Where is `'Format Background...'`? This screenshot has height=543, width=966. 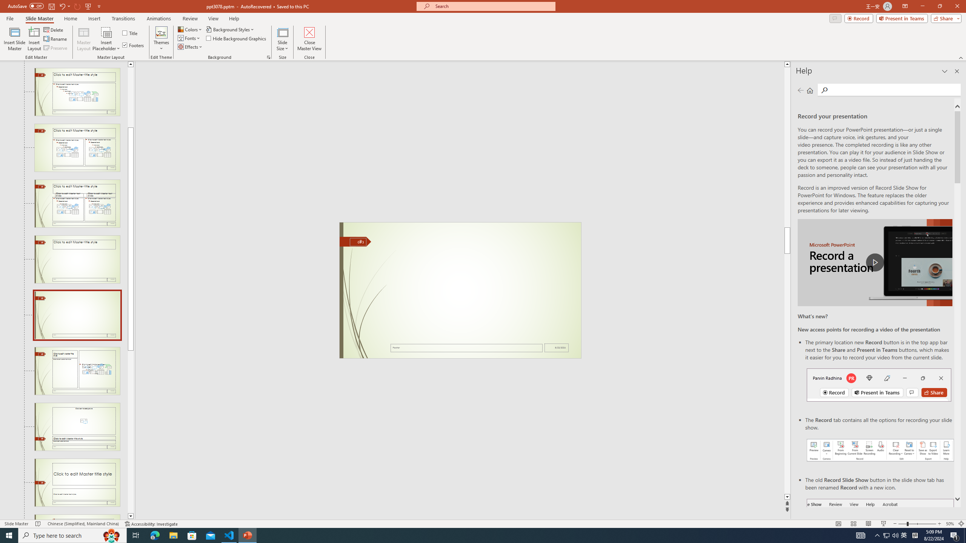
'Format Background...' is located at coordinates (268, 57).